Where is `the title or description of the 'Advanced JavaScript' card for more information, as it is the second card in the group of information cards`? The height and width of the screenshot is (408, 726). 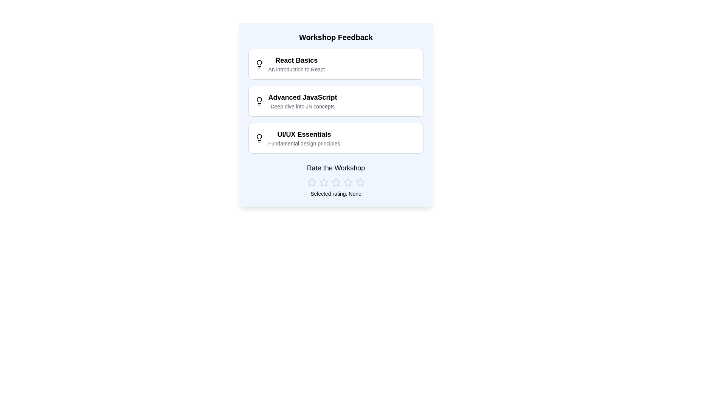 the title or description of the 'Advanced JavaScript' card for more information, as it is the second card in the group of information cards is located at coordinates (335, 100).